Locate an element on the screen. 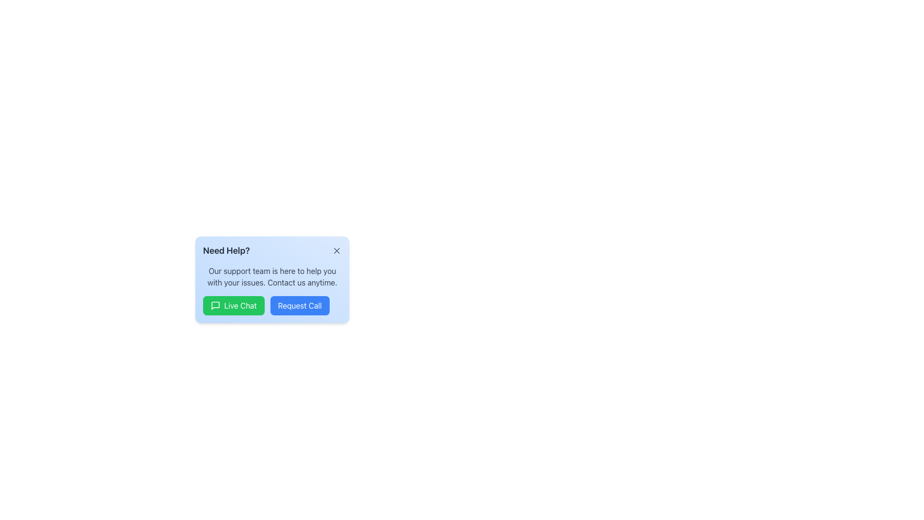  the close button located in the top-right corner of the 'Need Help?' popup window is located at coordinates (337, 250).